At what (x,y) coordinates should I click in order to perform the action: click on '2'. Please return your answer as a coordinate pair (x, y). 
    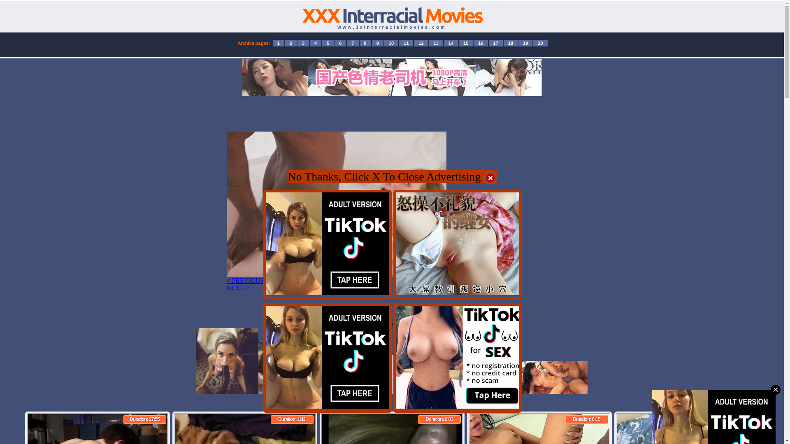
    Looking at the image, I should click on (290, 43).